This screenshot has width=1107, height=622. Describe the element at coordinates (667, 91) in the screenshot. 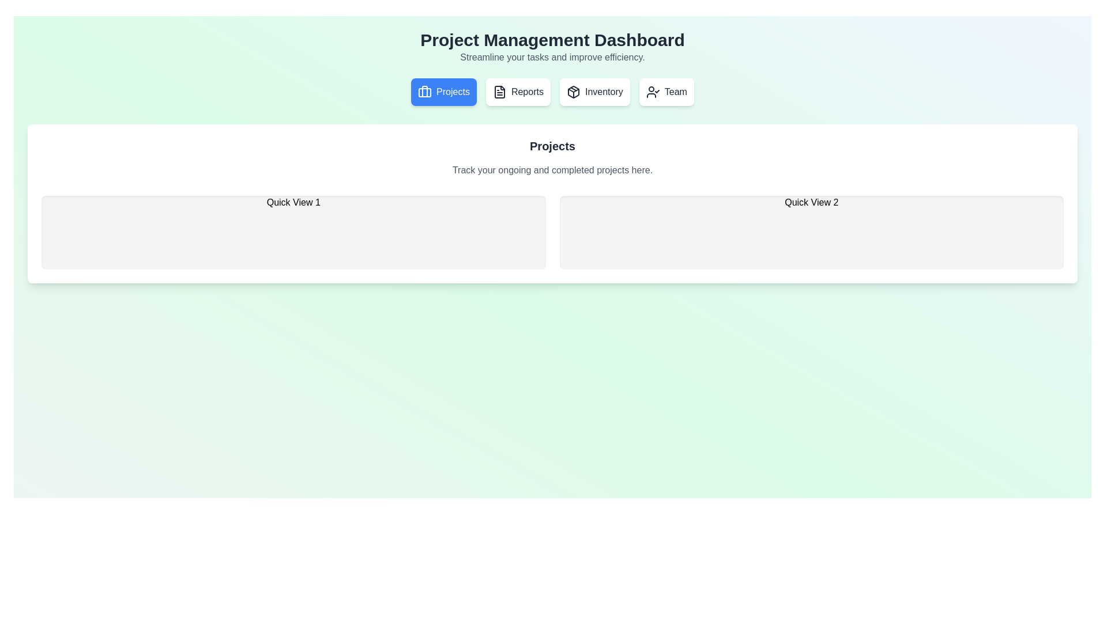

I see `the navigation button for team management located at the rightmost position of the row under 'Project Management Dashboard'` at that location.